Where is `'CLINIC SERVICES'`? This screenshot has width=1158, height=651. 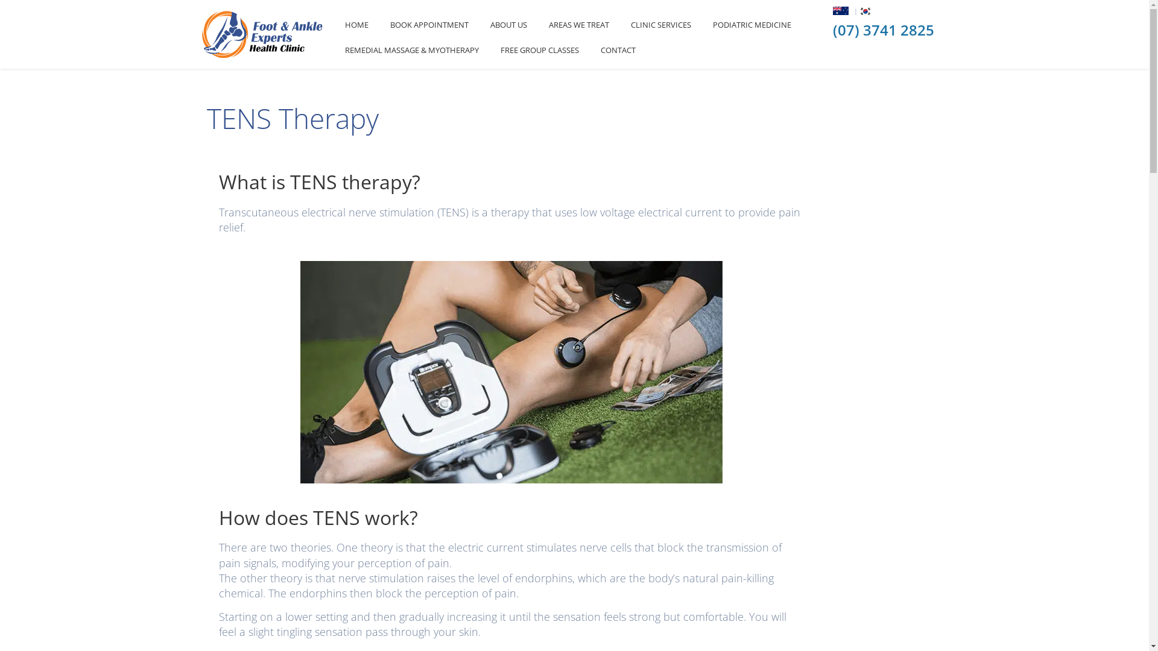 'CLINIC SERVICES' is located at coordinates (660, 25).